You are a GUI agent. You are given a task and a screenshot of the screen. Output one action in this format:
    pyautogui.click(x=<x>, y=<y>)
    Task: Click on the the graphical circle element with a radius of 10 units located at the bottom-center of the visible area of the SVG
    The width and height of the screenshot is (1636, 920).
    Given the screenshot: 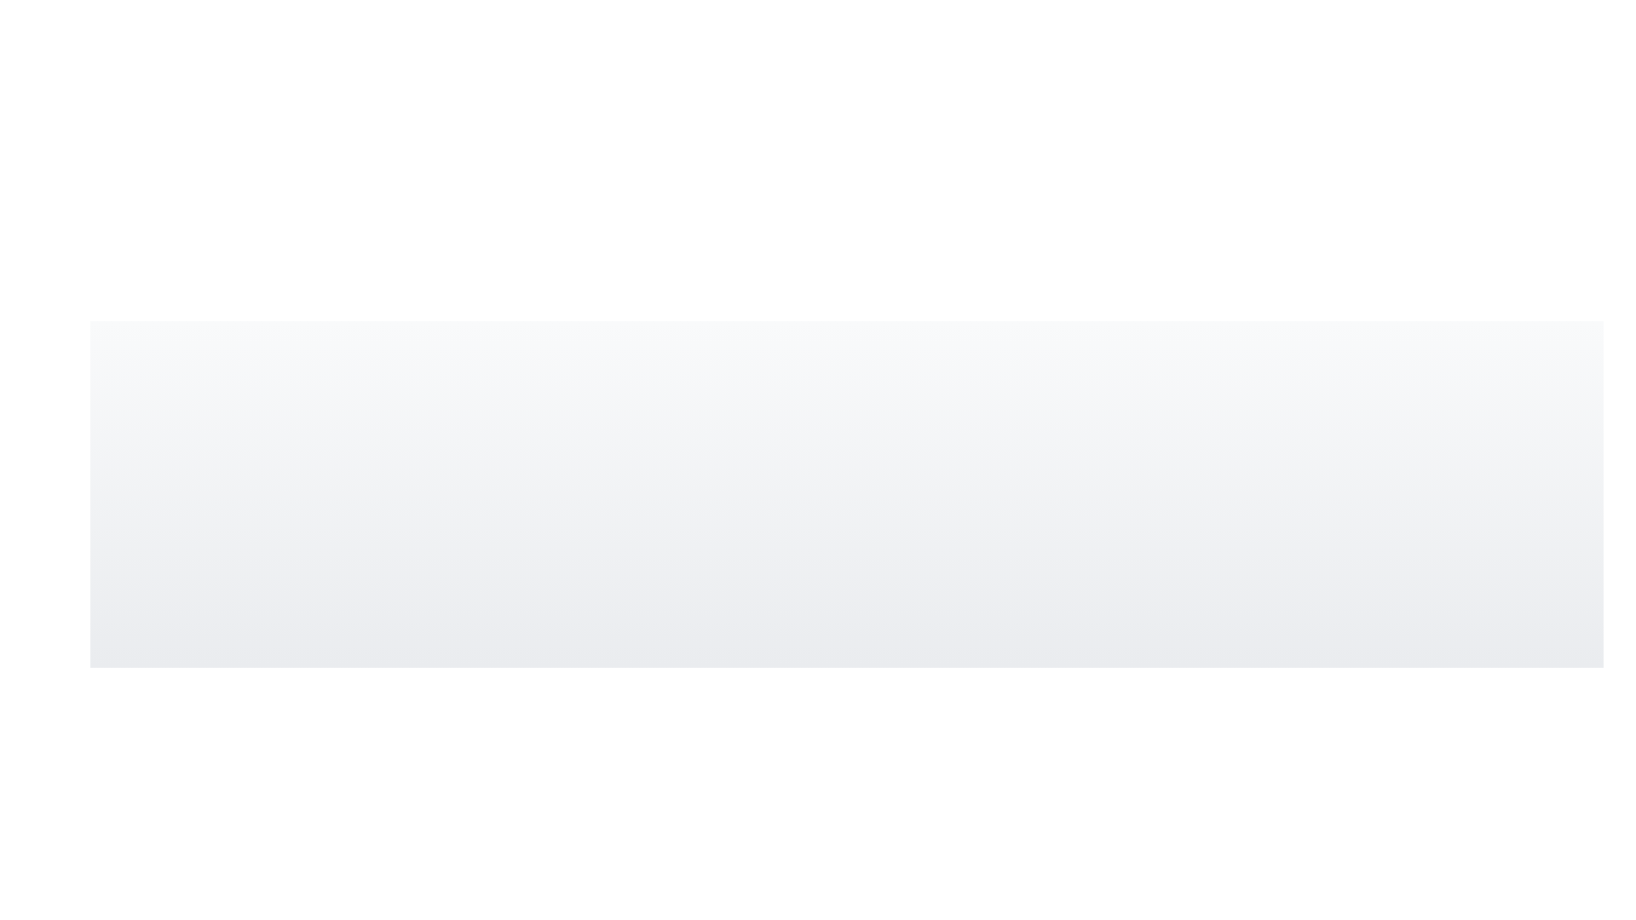 What is the action you would take?
    pyautogui.click(x=846, y=785)
    